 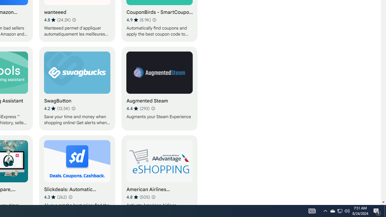 I want to click on 'Learn more about results and reviews "wanteeed"', so click(x=74, y=19).